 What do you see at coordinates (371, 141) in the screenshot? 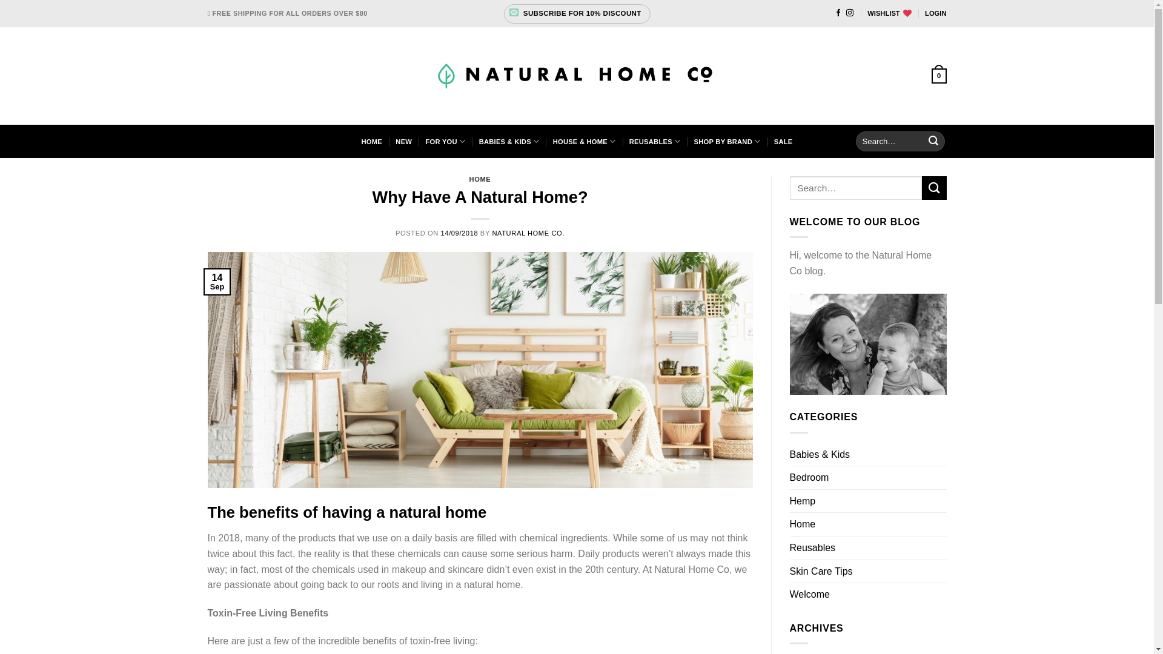
I see `'HOME'` at bounding box center [371, 141].